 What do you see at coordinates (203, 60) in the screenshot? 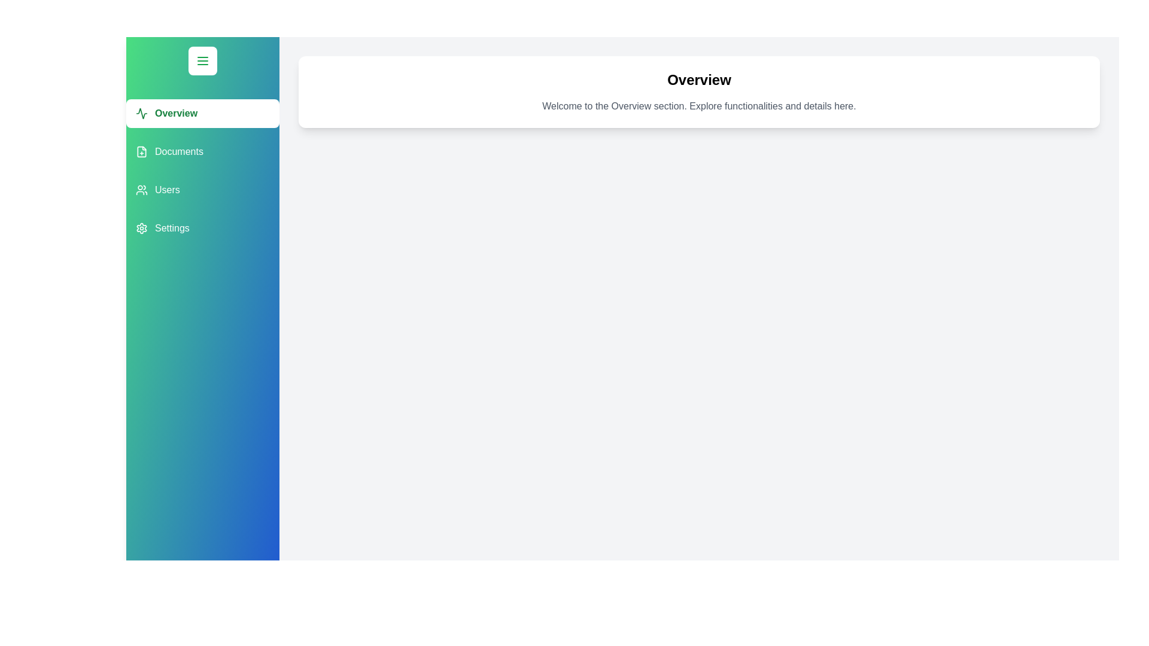
I see `the menu button to toggle the drawer` at bounding box center [203, 60].